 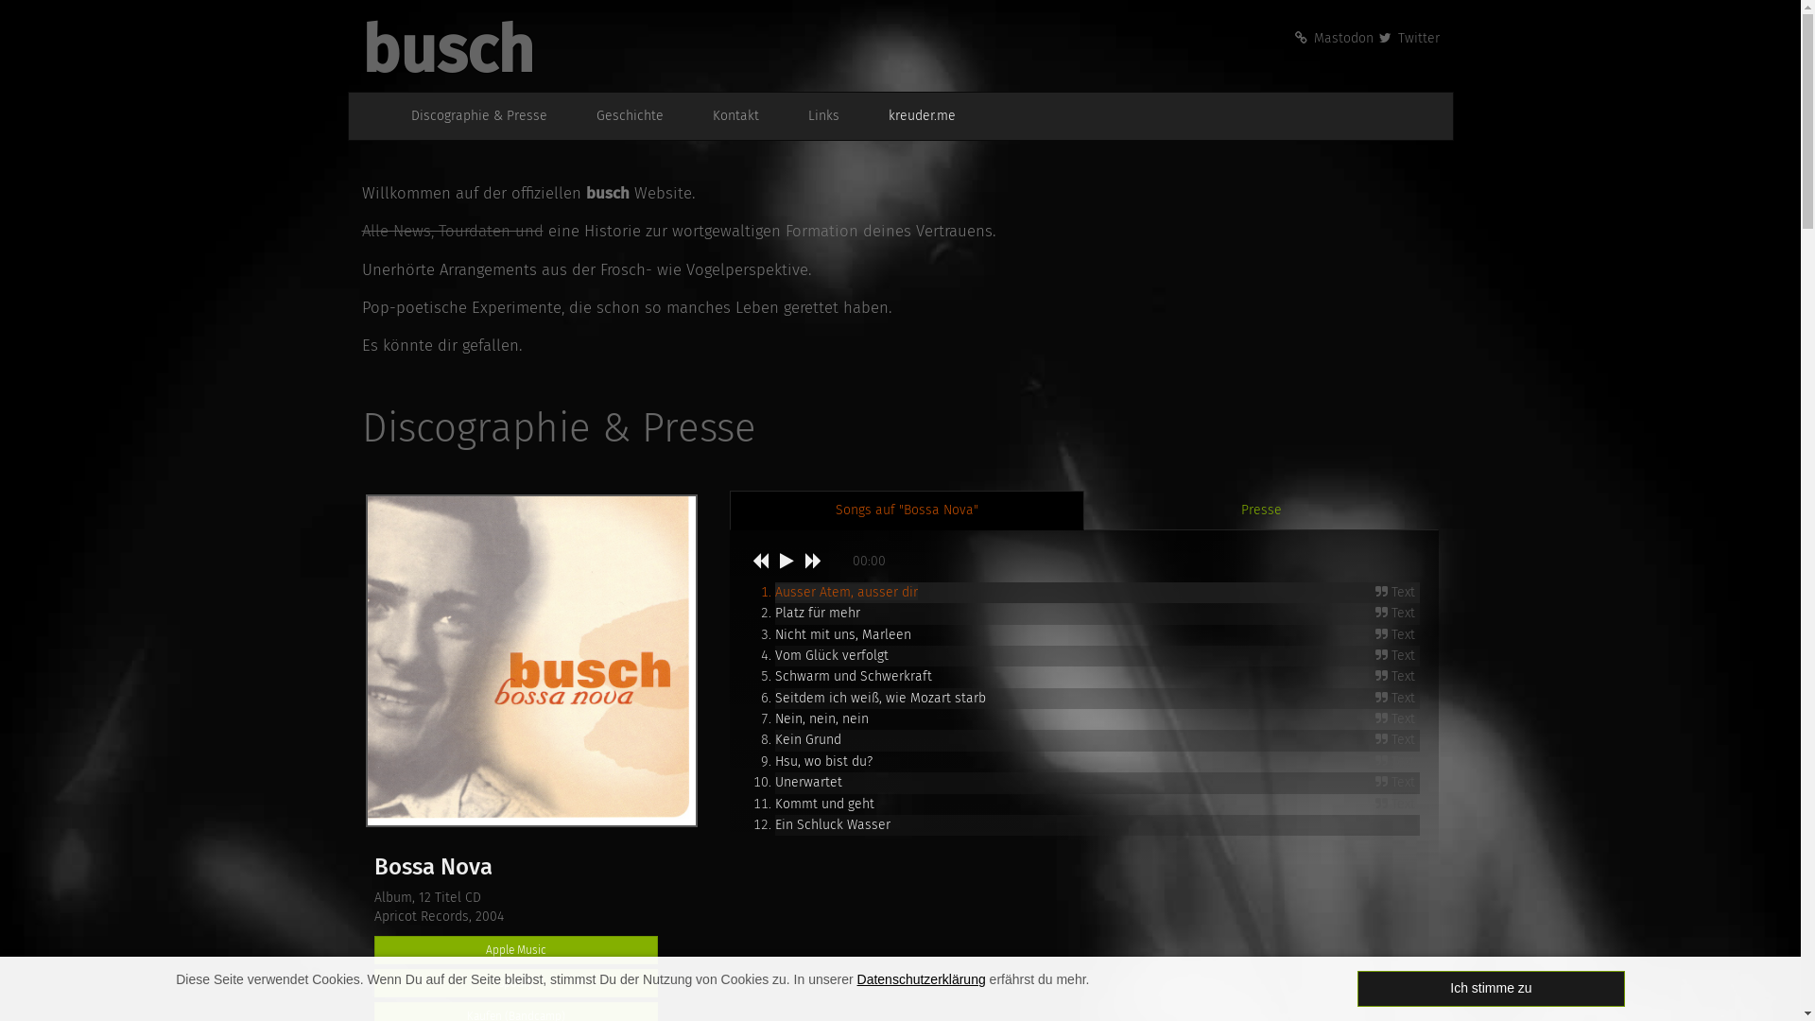 What do you see at coordinates (1397, 676) in the screenshot?
I see `'Text'` at bounding box center [1397, 676].